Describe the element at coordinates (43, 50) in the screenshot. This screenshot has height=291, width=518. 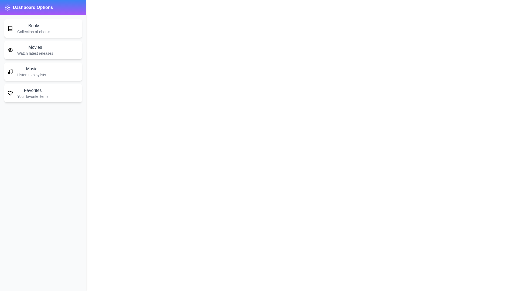
I see `the menu item labeled 'Movies' to observe its hover effect` at that location.